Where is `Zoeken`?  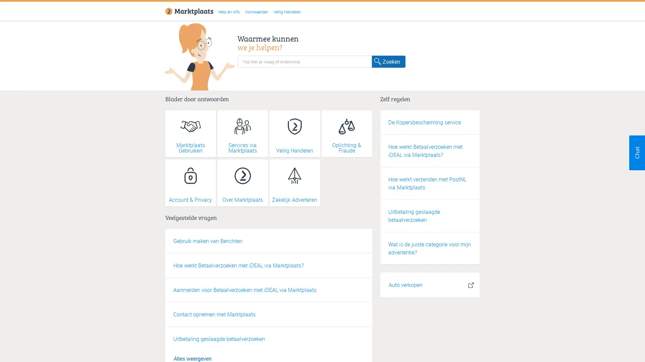 Zoeken is located at coordinates (388, 61).